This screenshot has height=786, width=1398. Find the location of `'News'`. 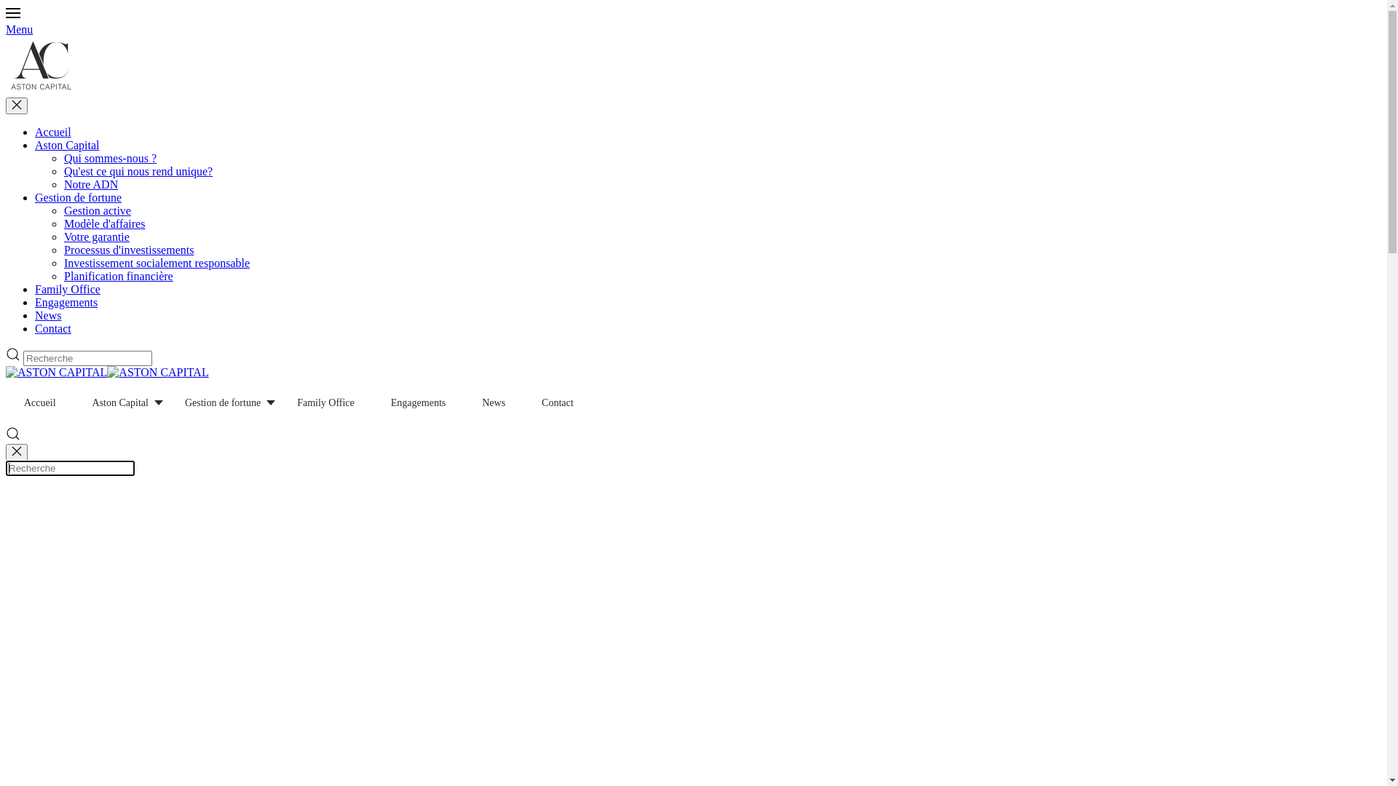

'News' is located at coordinates (48, 314).